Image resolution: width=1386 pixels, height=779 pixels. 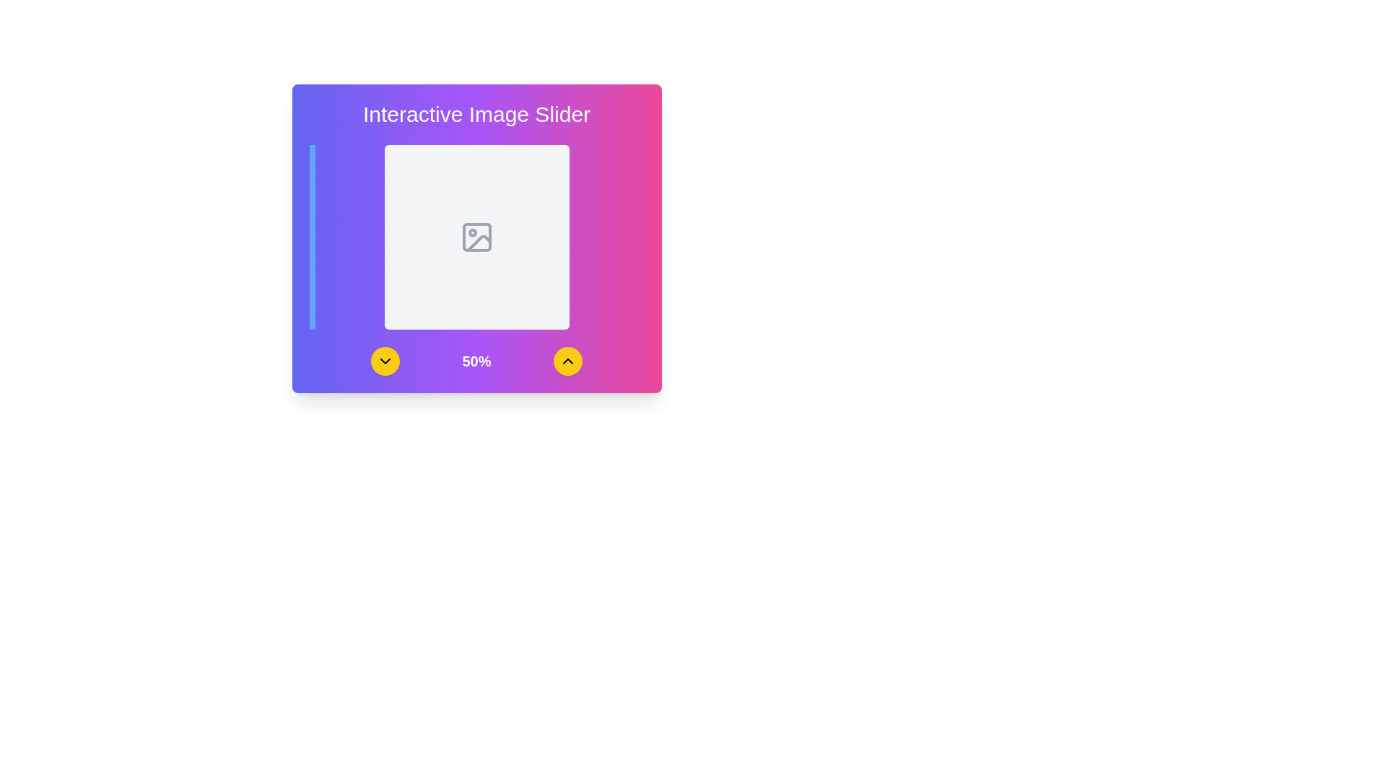 What do you see at coordinates (567, 361) in the screenshot?
I see `the Up-chevron icon inside the interactive button, which is centered in a circular button with a yellow background located at the bottom-right of the main interface card` at bounding box center [567, 361].